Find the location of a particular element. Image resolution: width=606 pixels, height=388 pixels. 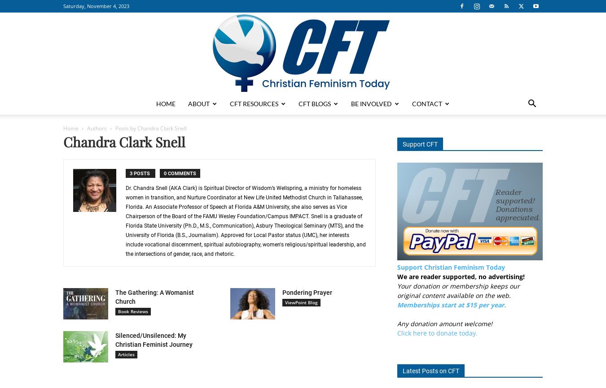

'Posts by Chandra Clark Snell' is located at coordinates (150, 128).